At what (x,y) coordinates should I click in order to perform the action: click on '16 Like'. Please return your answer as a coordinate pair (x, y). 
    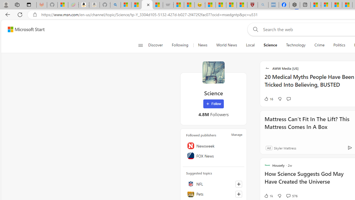
    Looking at the image, I should click on (268, 99).